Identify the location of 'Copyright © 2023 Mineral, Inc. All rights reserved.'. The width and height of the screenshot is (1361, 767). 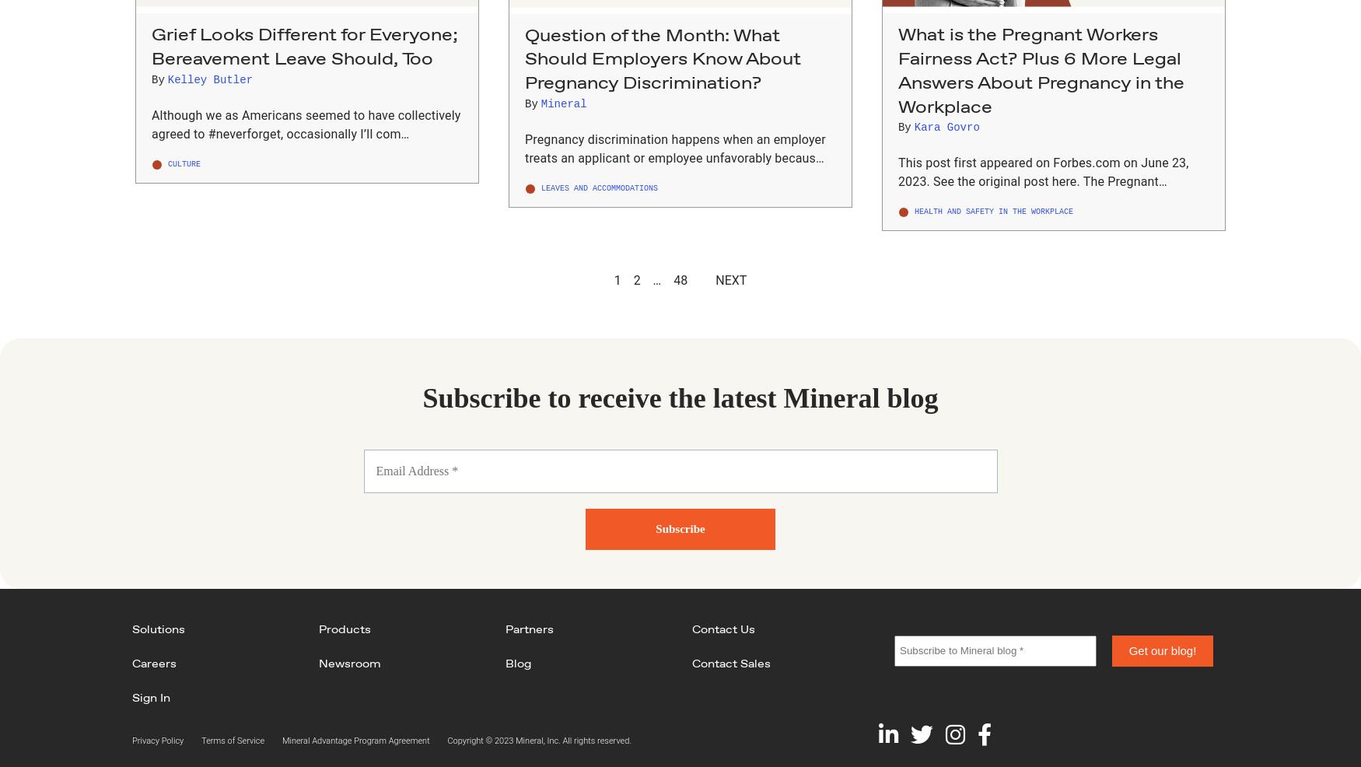
(539, 740).